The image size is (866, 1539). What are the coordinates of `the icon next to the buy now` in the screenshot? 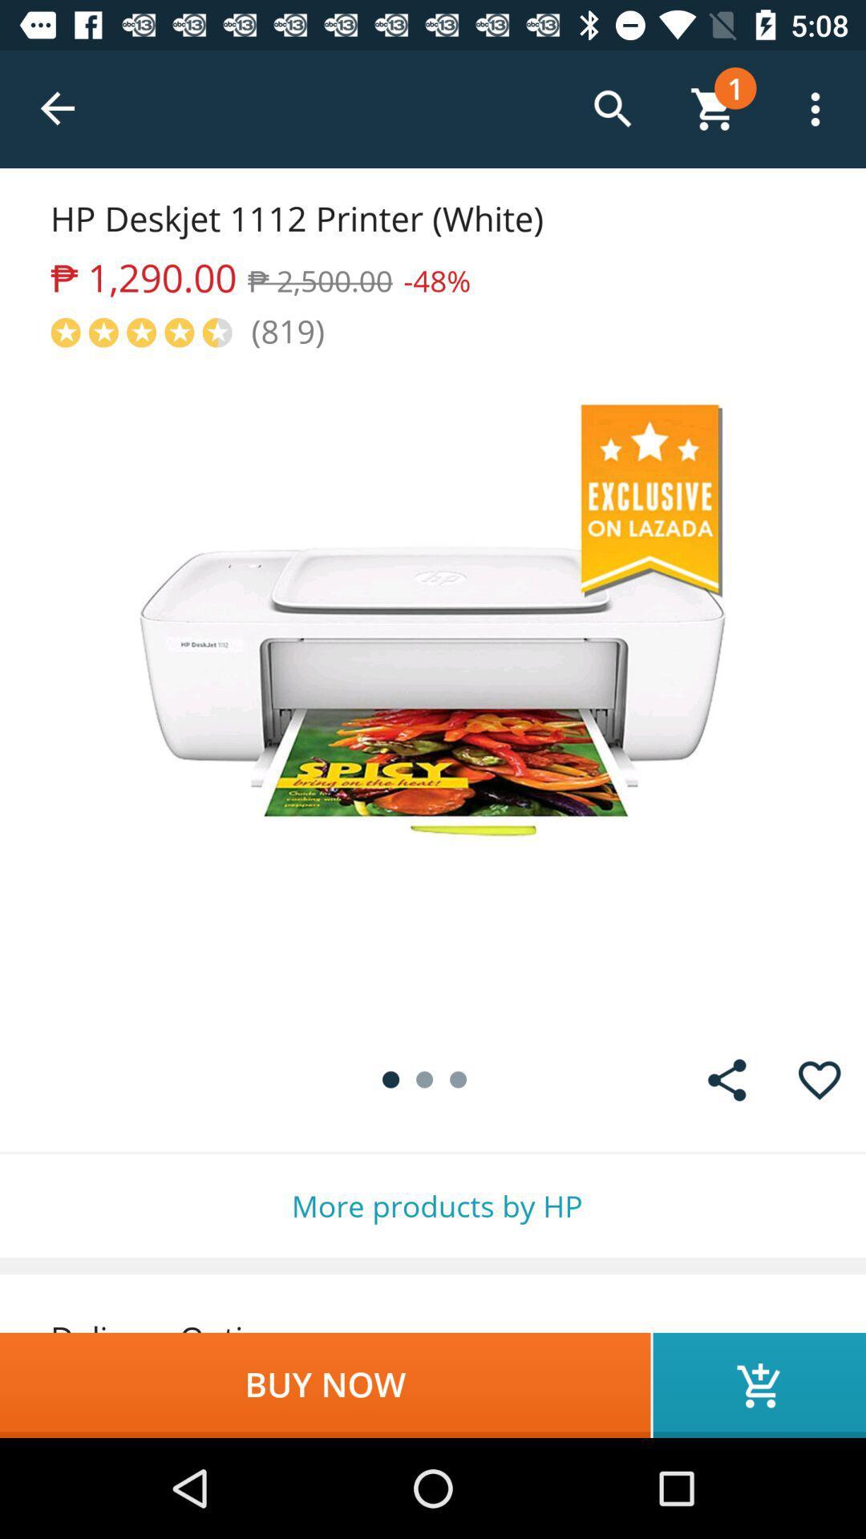 It's located at (759, 1384).